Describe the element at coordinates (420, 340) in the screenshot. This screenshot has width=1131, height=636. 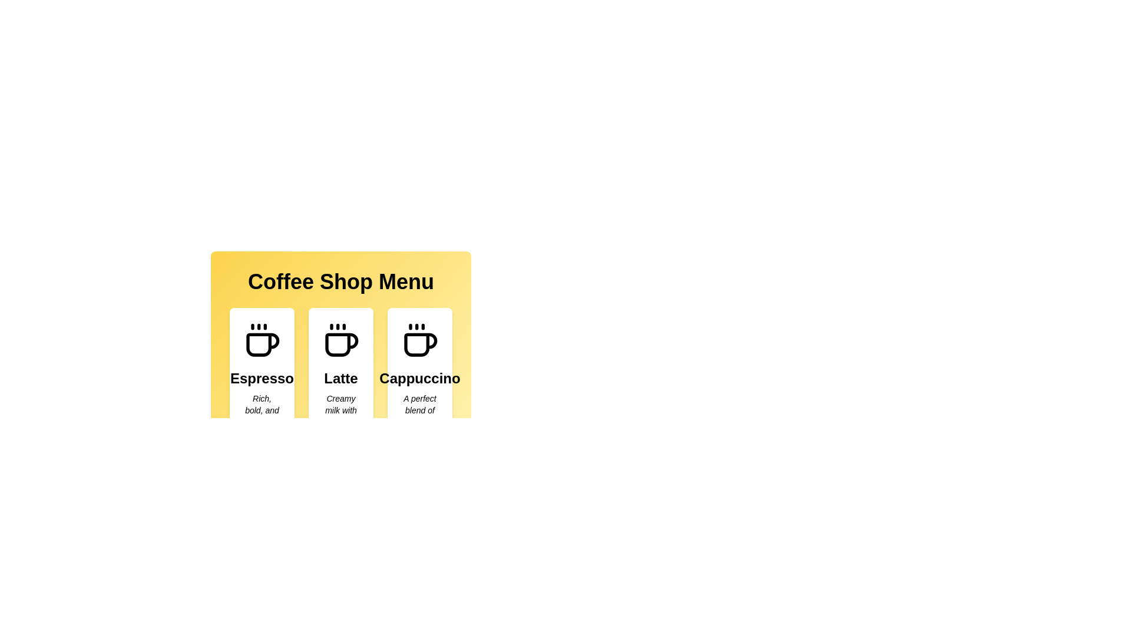
I see `the coffee icon associated with the menu item Cappuccino` at that location.